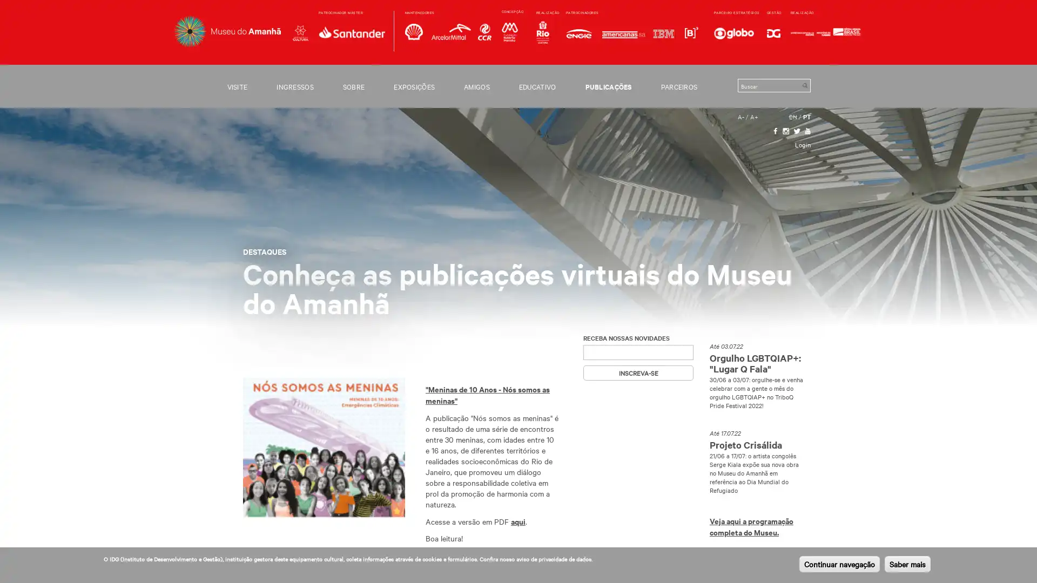 The image size is (1037, 583). Describe the element at coordinates (638, 372) in the screenshot. I see `Inscreva-se` at that location.